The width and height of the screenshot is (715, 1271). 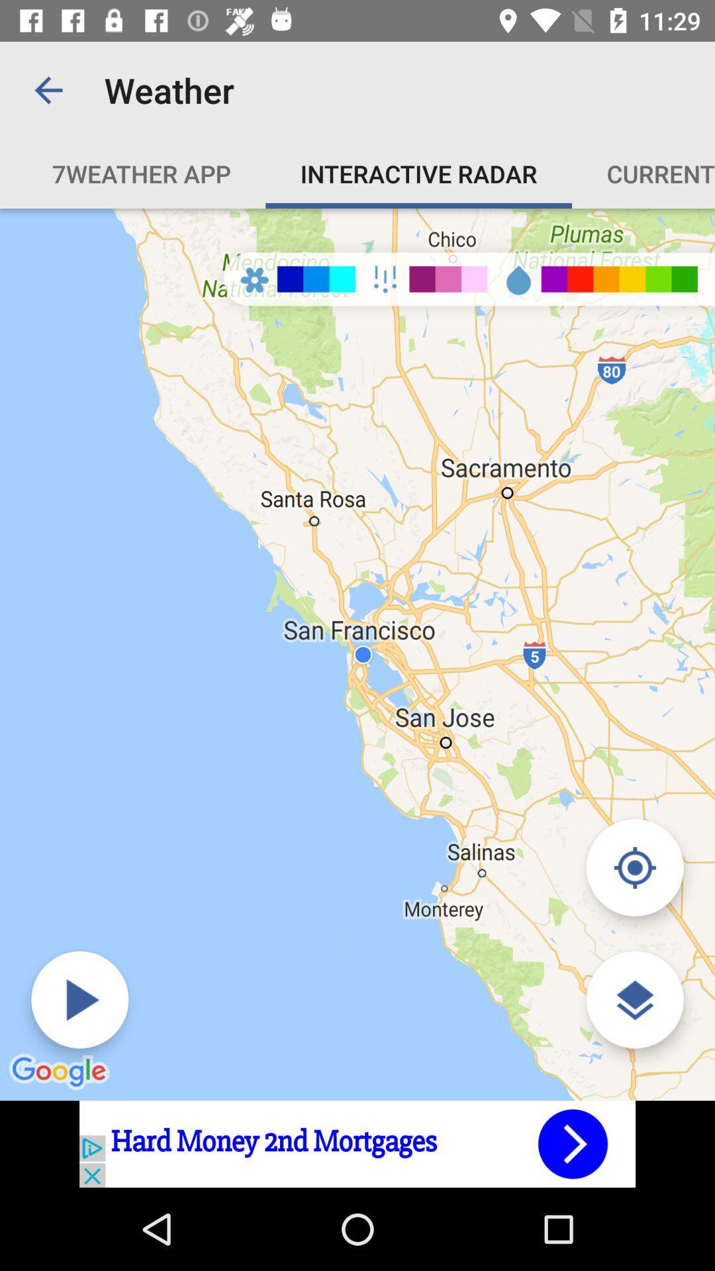 I want to click on the layers icon, so click(x=634, y=1000).